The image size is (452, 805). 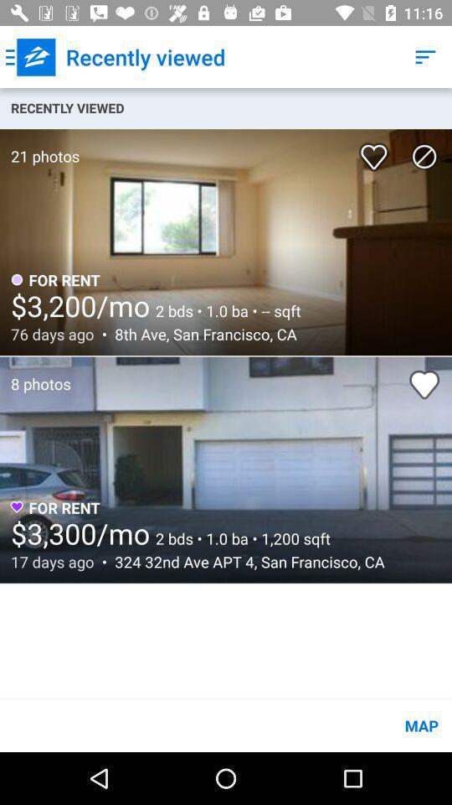 What do you see at coordinates (244, 562) in the screenshot?
I see `the item to the right of the 17 days ago icon` at bounding box center [244, 562].